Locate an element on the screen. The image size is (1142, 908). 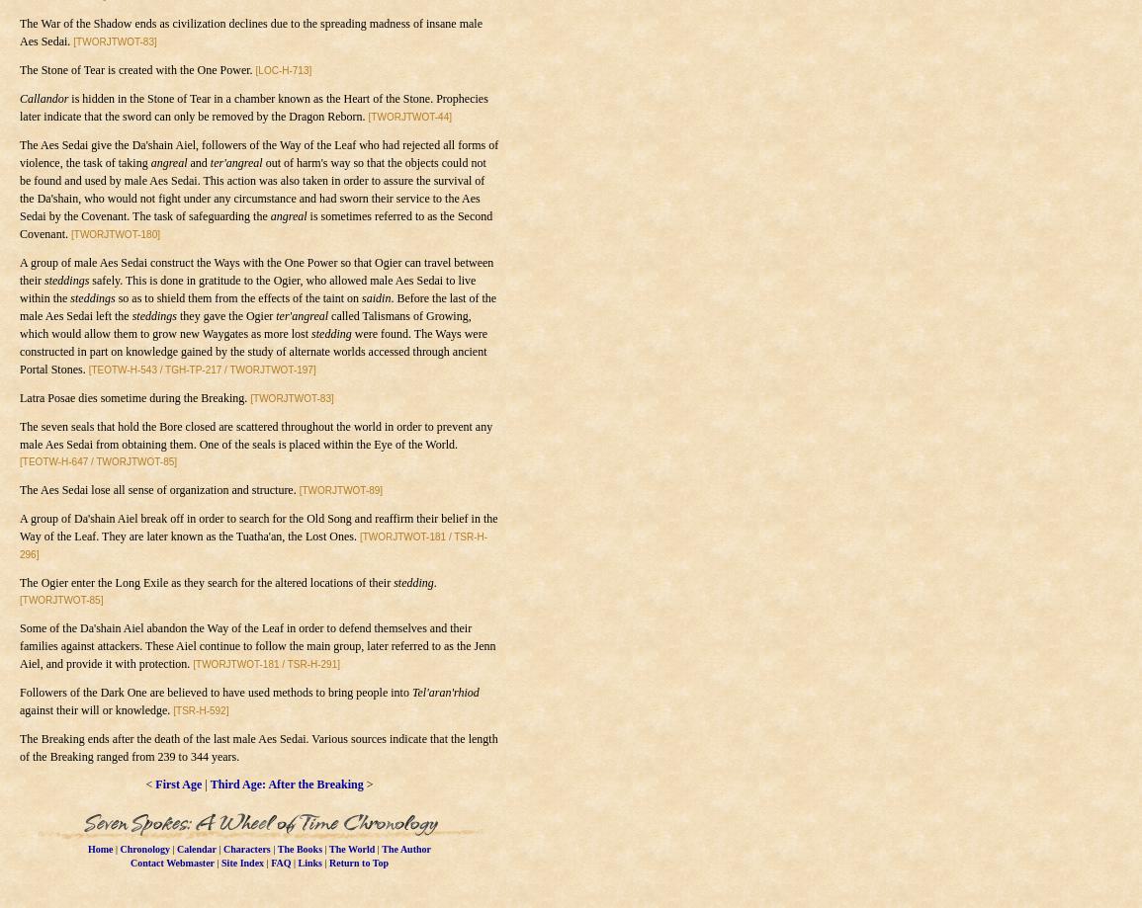
'Tel'aran'rhiod' is located at coordinates (411, 692).